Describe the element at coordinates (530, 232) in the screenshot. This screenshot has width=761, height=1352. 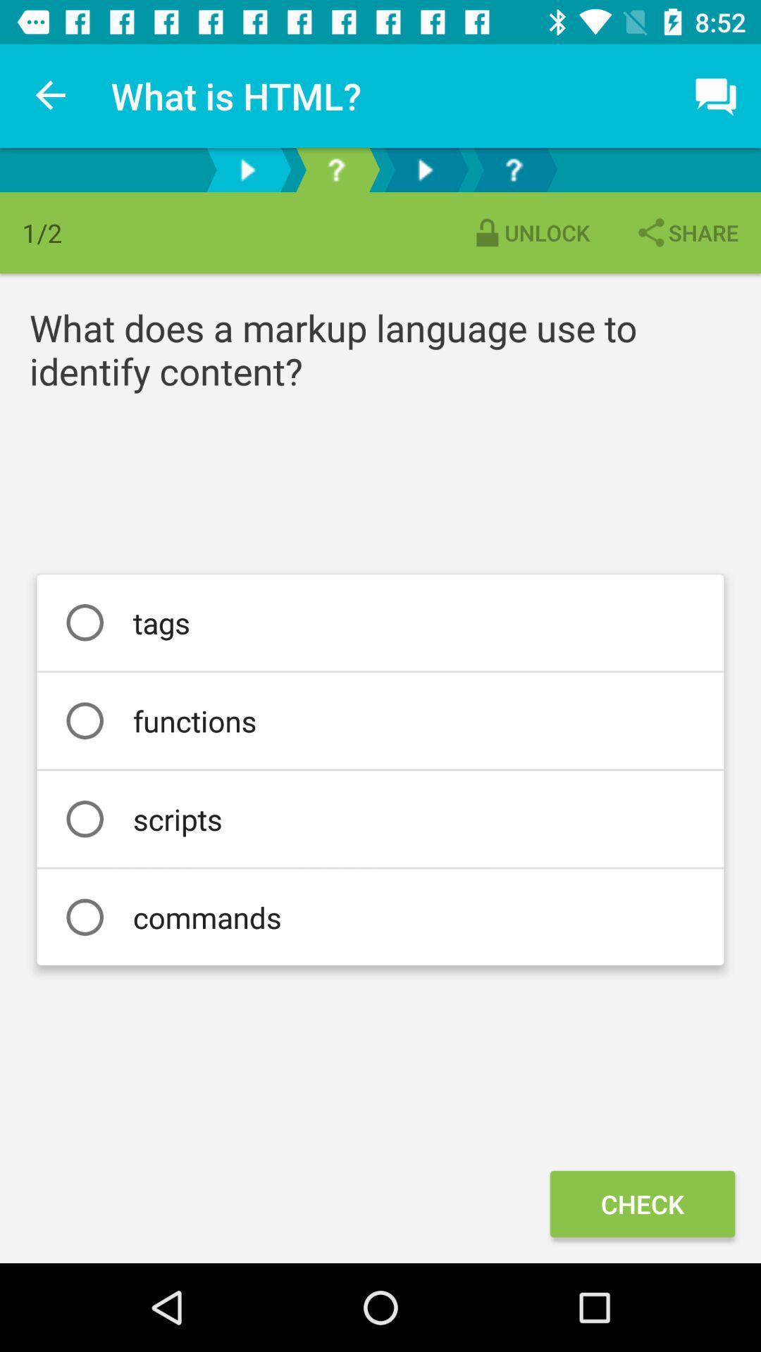
I see `unlock` at that location.